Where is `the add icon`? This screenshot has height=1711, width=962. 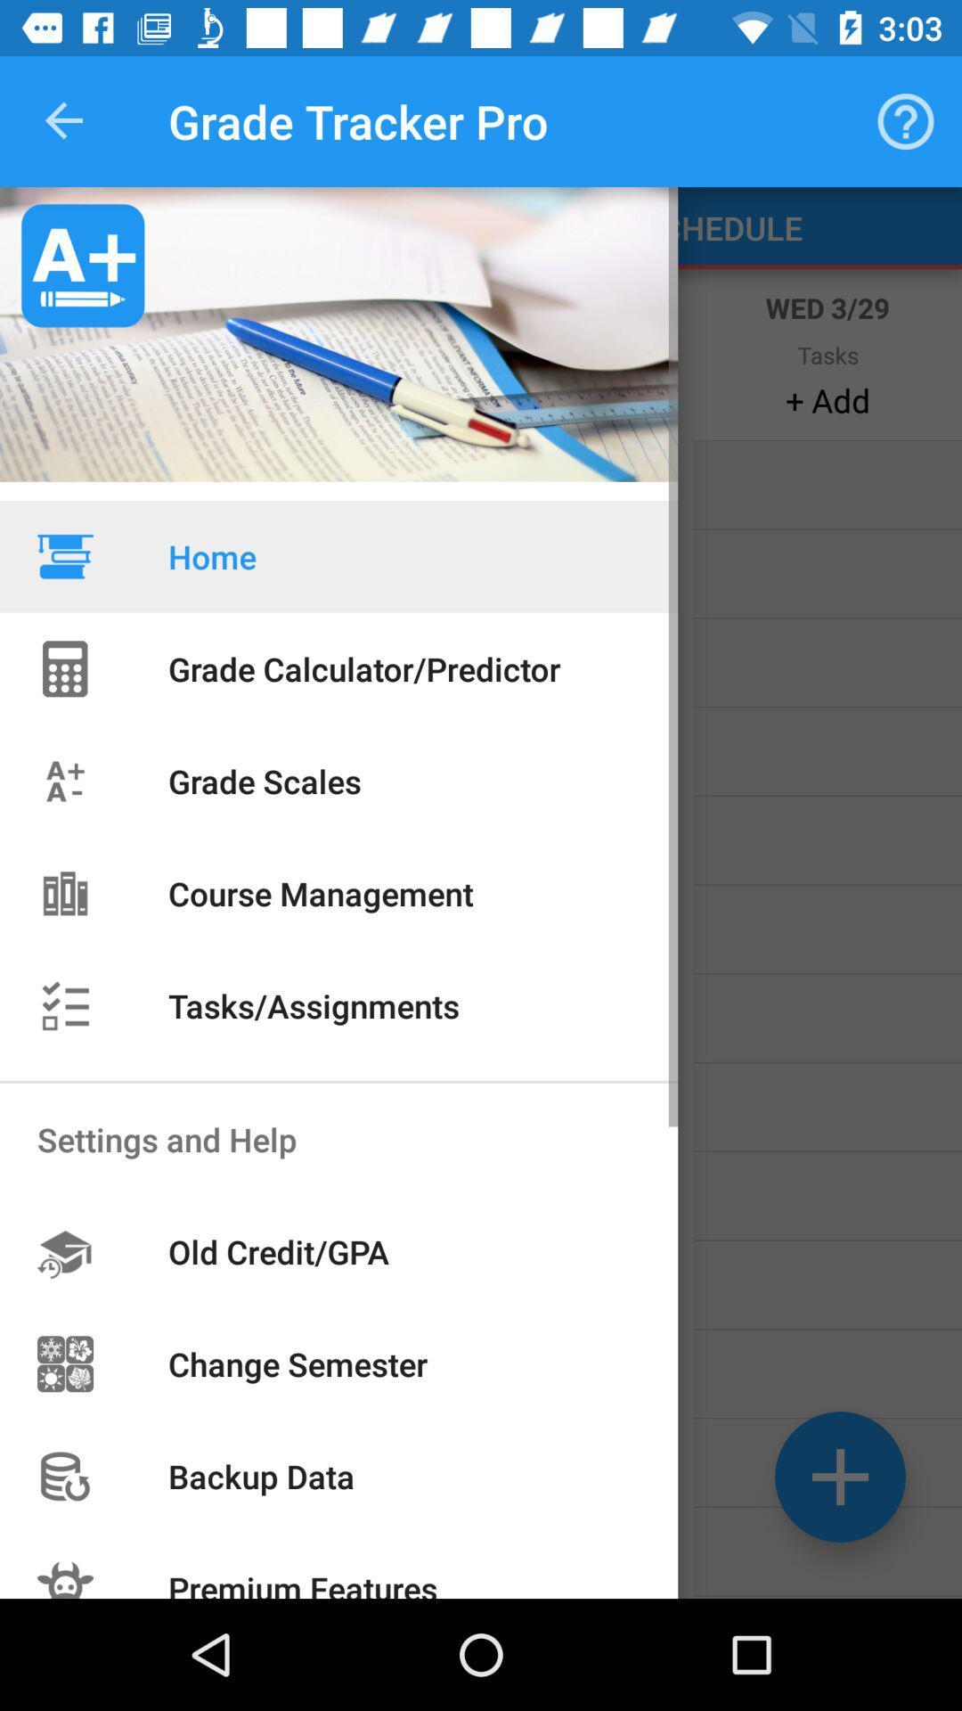
the add icon is located at coordinates (840, 1477).